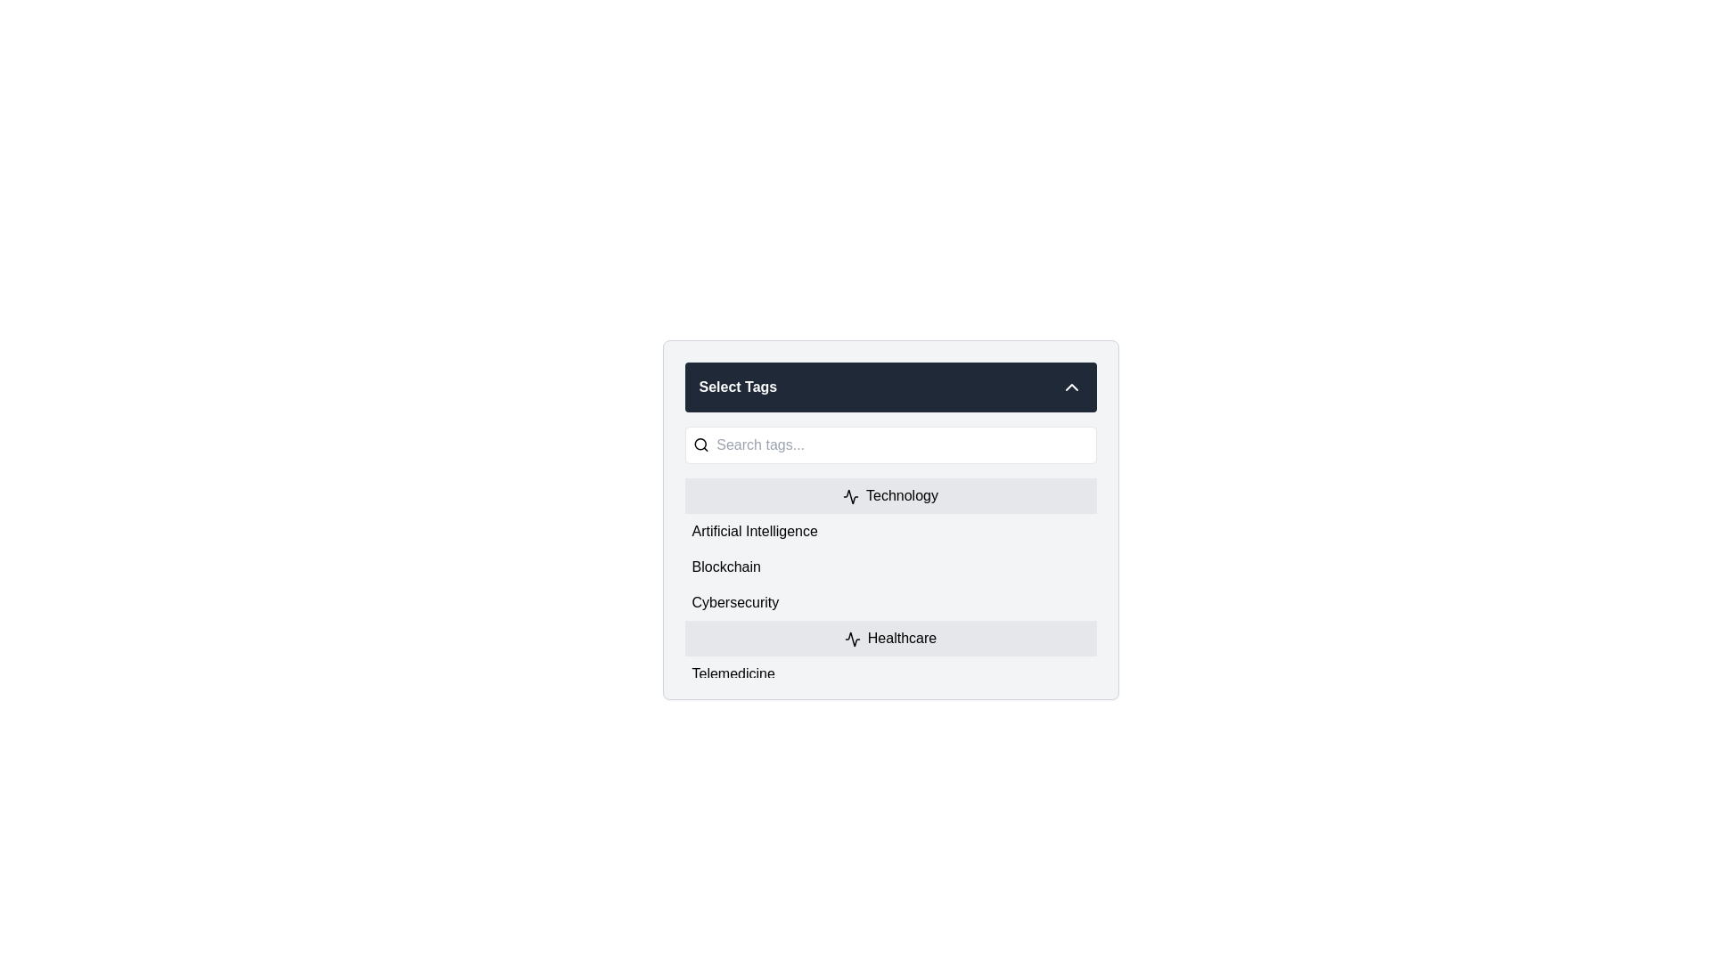  I want to click on Text label that serves as a descriptor for the section or dropdown, located towards the left side of the dark-colored bar containing the 'Select Tags' text and an upward arrow icon, so click(738, 387).